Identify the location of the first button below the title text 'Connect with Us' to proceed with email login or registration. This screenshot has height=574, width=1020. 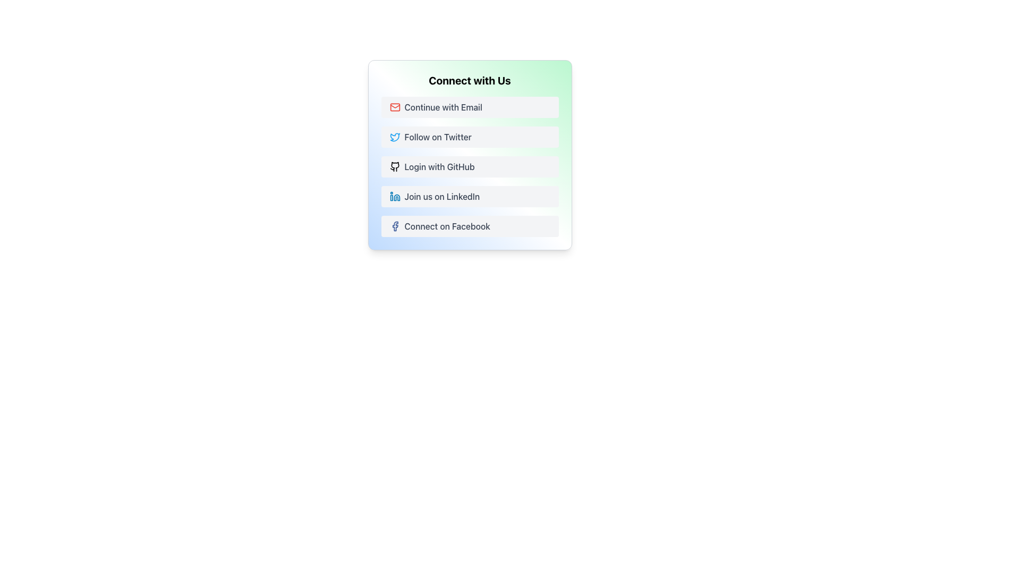
(469, 107).